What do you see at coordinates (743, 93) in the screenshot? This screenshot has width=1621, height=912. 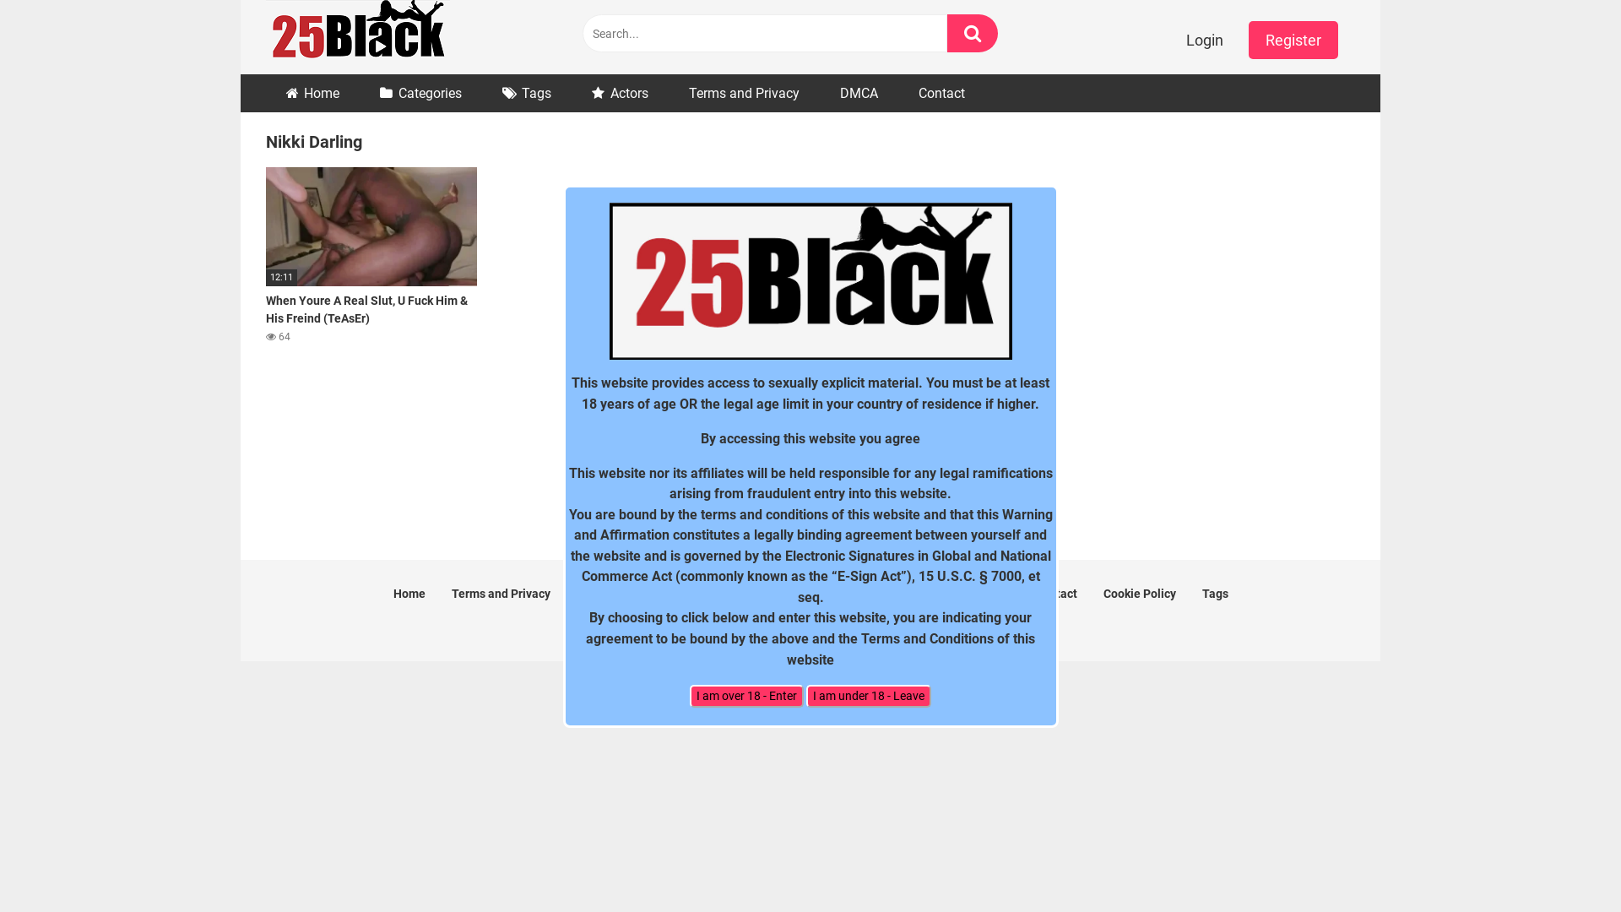 I see `'Terms and Privacy'` at bounding box center [743, 93].